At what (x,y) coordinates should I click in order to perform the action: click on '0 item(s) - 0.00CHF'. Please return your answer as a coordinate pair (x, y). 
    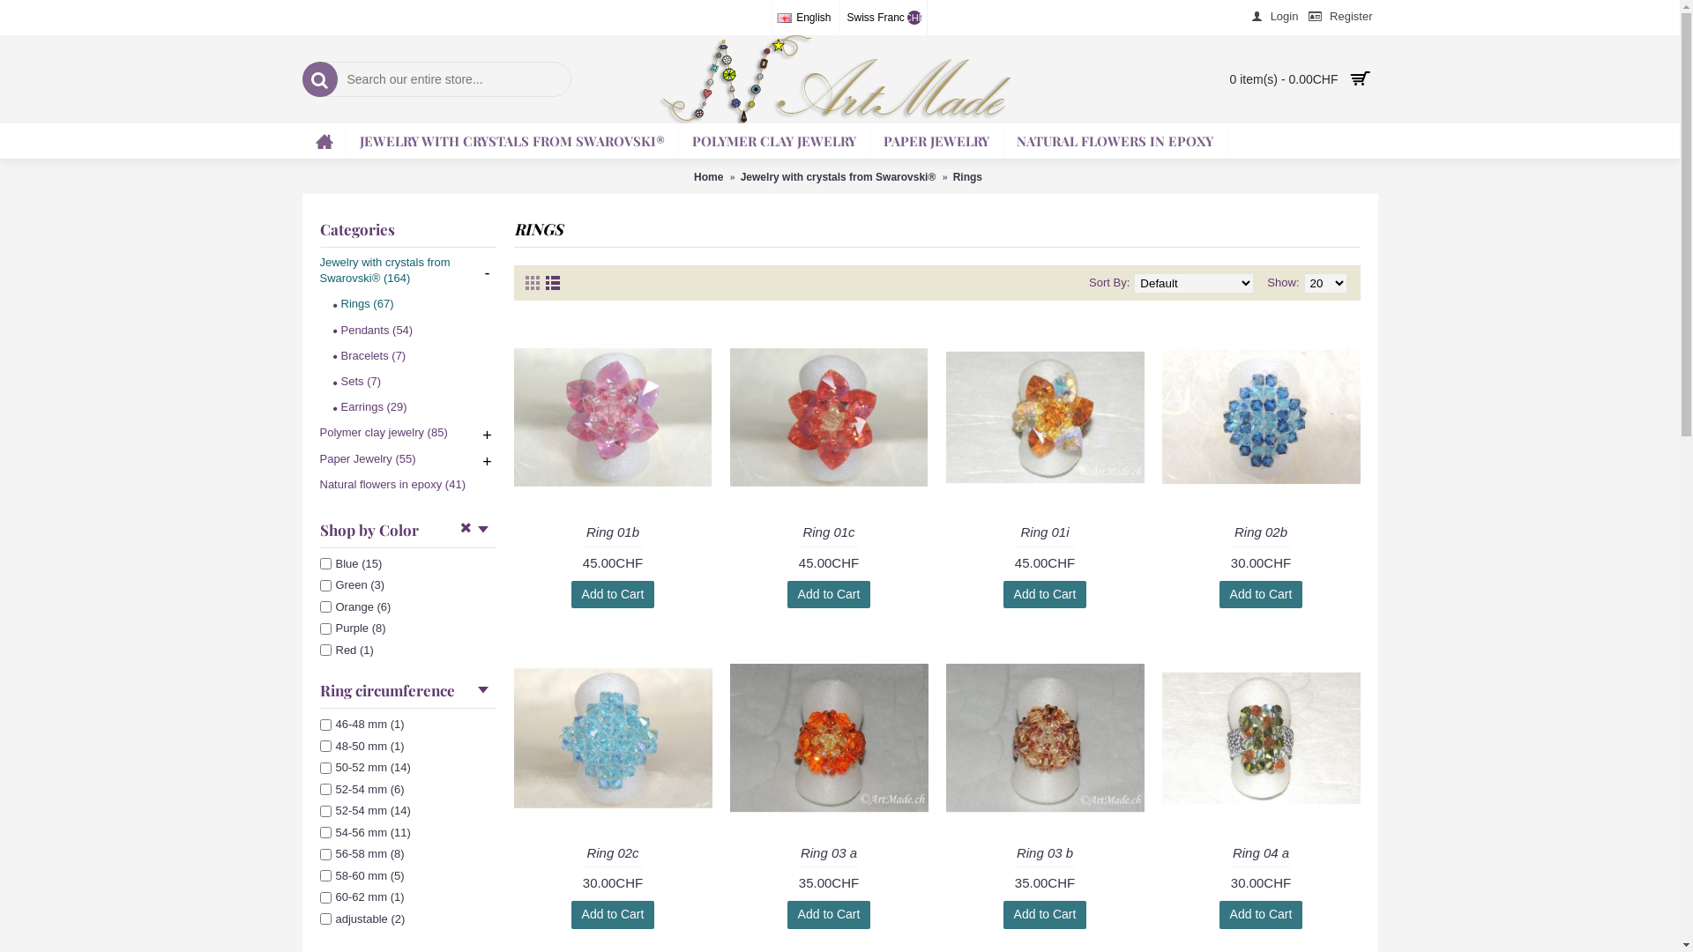
    Looking at the image, I should click on (1242, 78).